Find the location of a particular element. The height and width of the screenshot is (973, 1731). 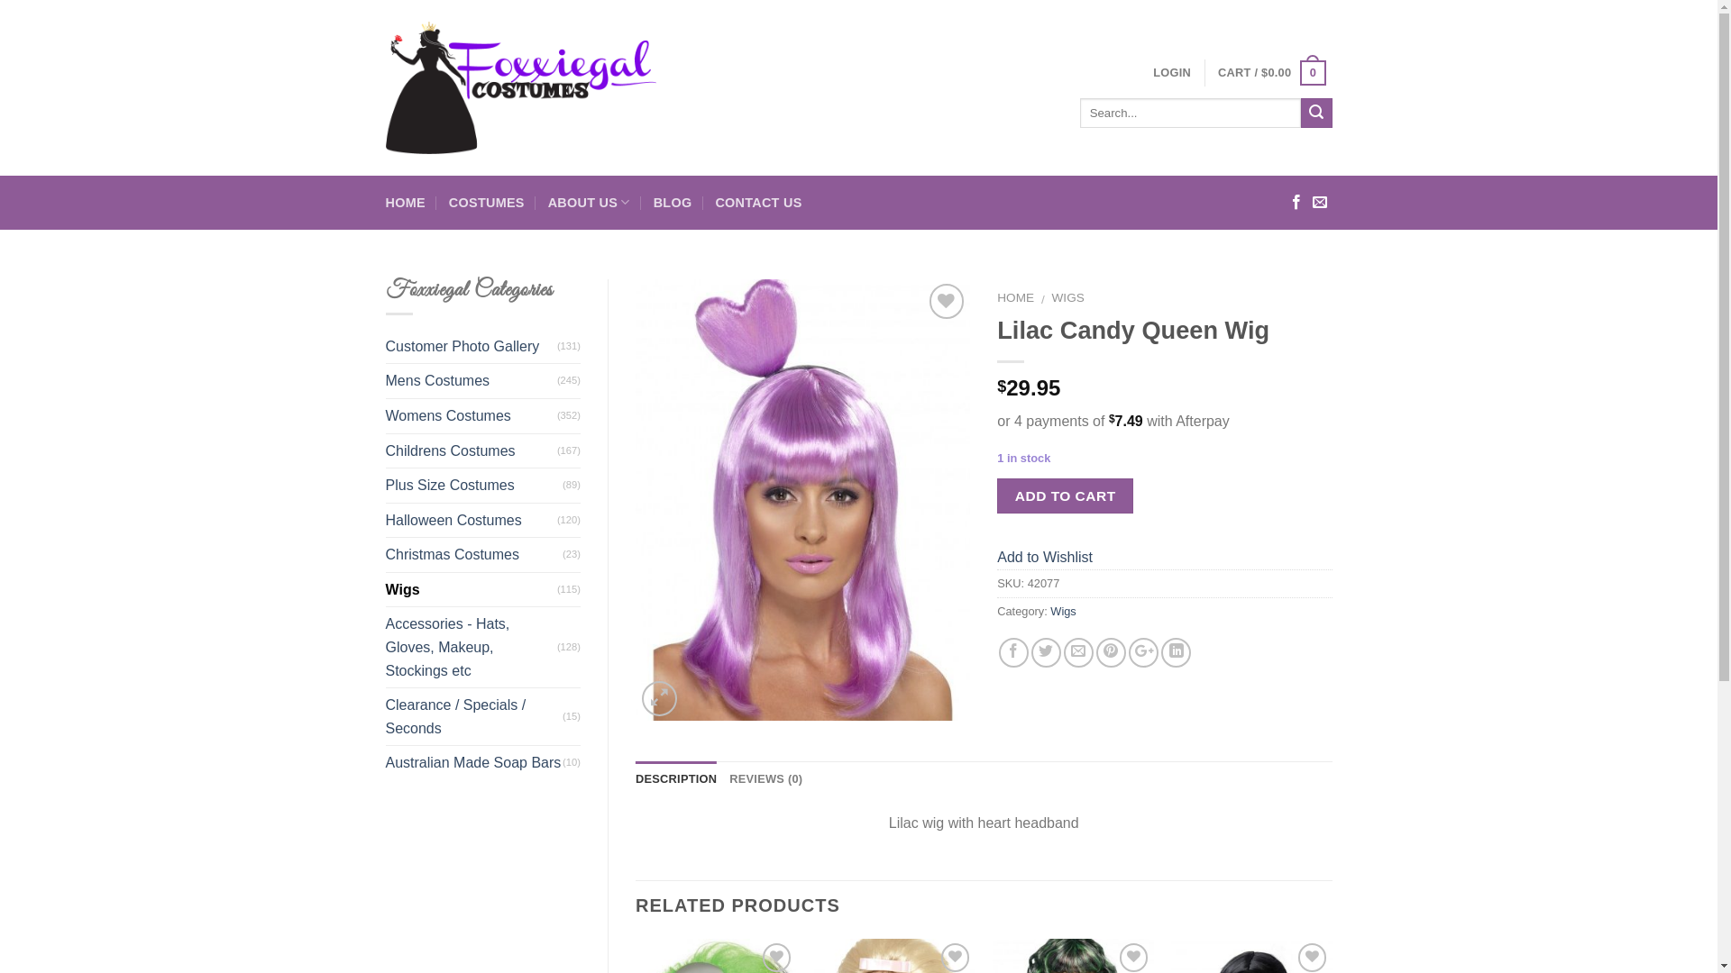

'Accessories - Hats, Gloves, Makeup, Stockings etc' is located at coordinates (472, 646).